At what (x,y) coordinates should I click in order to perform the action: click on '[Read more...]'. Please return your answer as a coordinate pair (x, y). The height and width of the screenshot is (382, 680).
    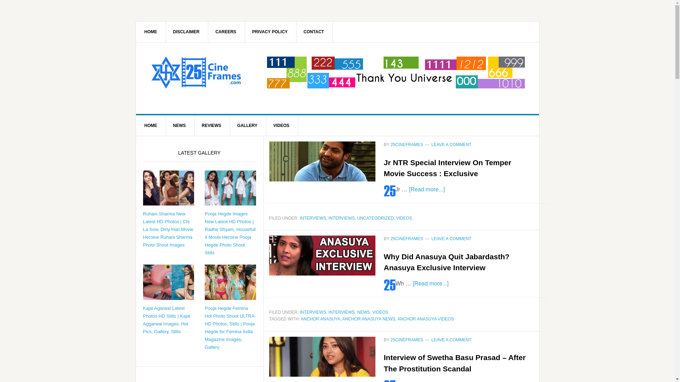
    Looking at the image, I should click on (430, 283).